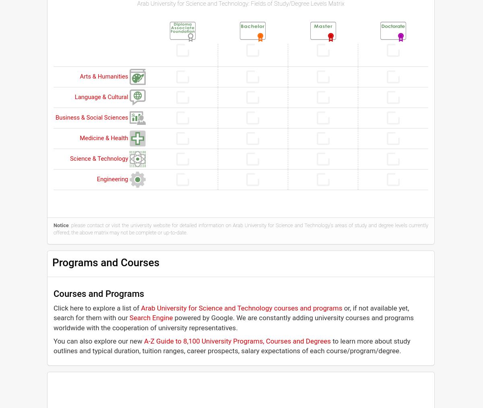 This screenshot has height=408, width=483. I want to click on 'You can also explore our new', so click(53, 340).